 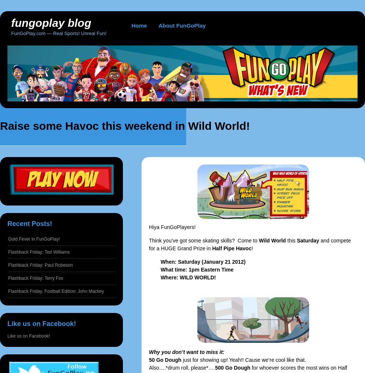 I want to click on 'FunGoPlay Blog', so click(x=11, y=23).